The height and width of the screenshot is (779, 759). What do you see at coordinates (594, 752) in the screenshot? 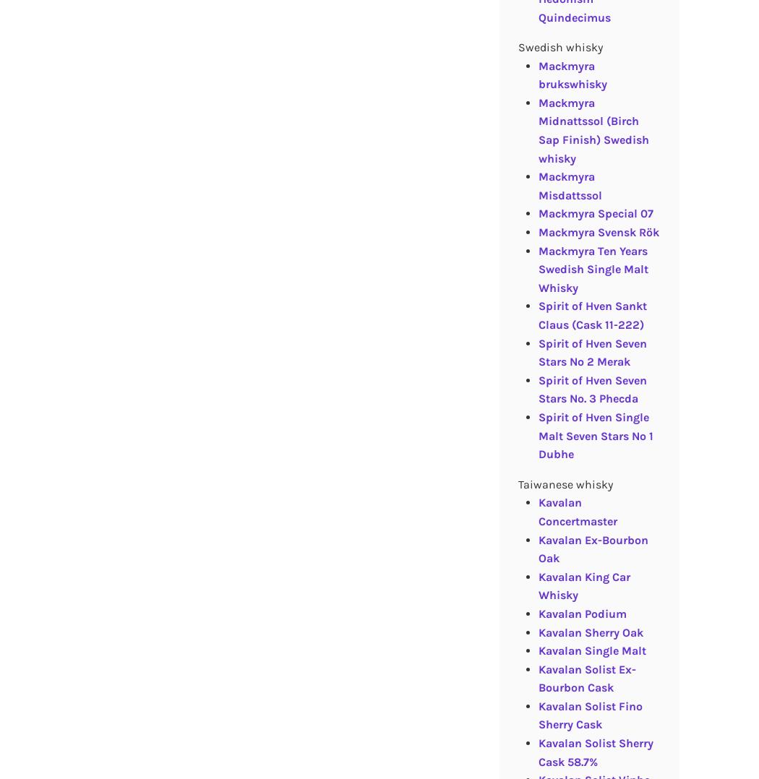
I see `'Kavalan Solist Sherry Cask 58.7%'` at bounding box center [594, 752].